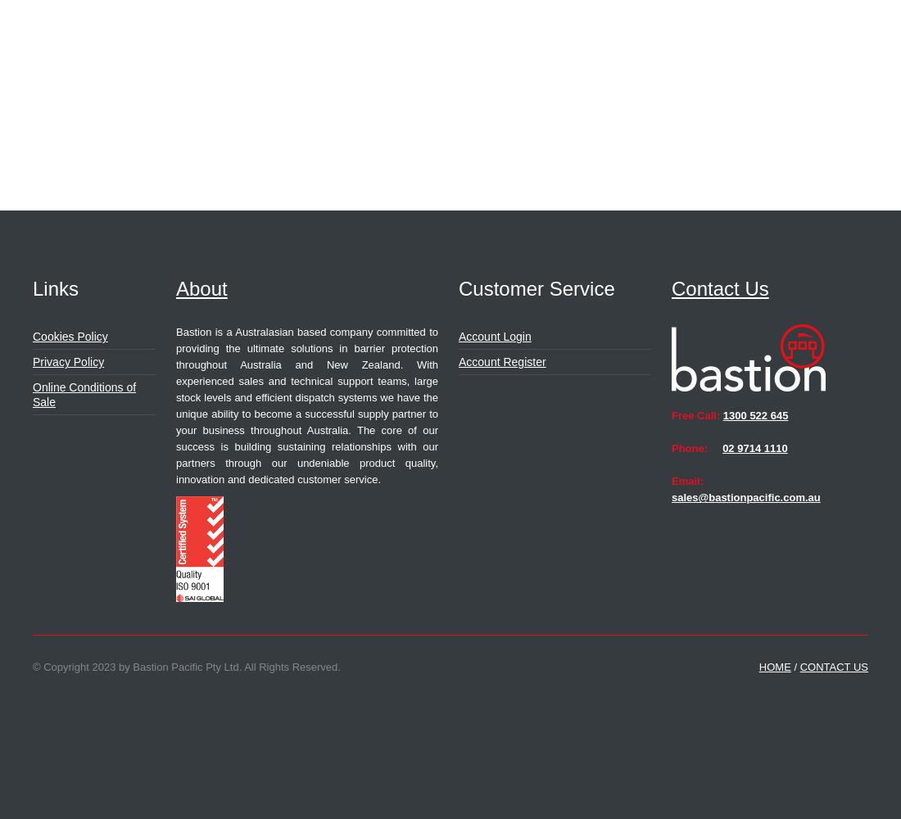  Describe the element at coordinates (54, 287) in the screenshot. I see `'Links'` at that location.